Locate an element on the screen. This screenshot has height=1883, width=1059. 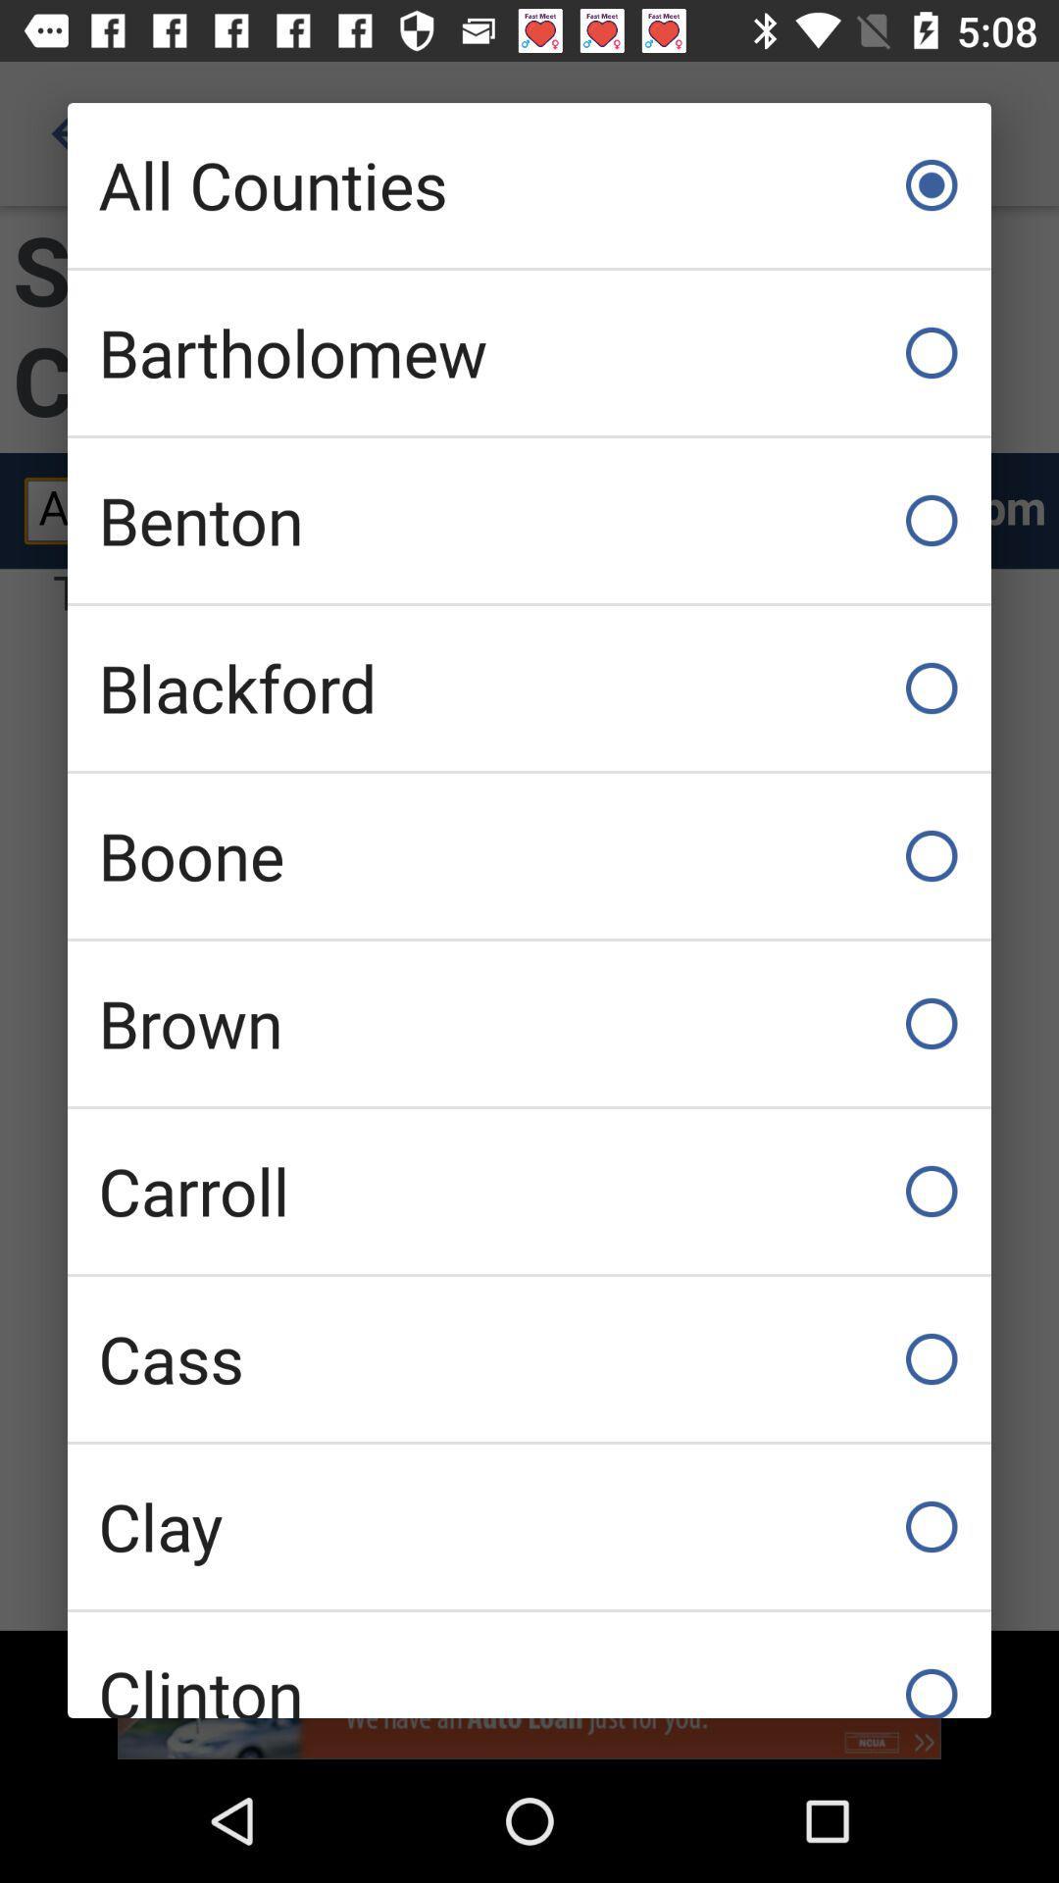
carroll item is located at coordinates (529, 1190).